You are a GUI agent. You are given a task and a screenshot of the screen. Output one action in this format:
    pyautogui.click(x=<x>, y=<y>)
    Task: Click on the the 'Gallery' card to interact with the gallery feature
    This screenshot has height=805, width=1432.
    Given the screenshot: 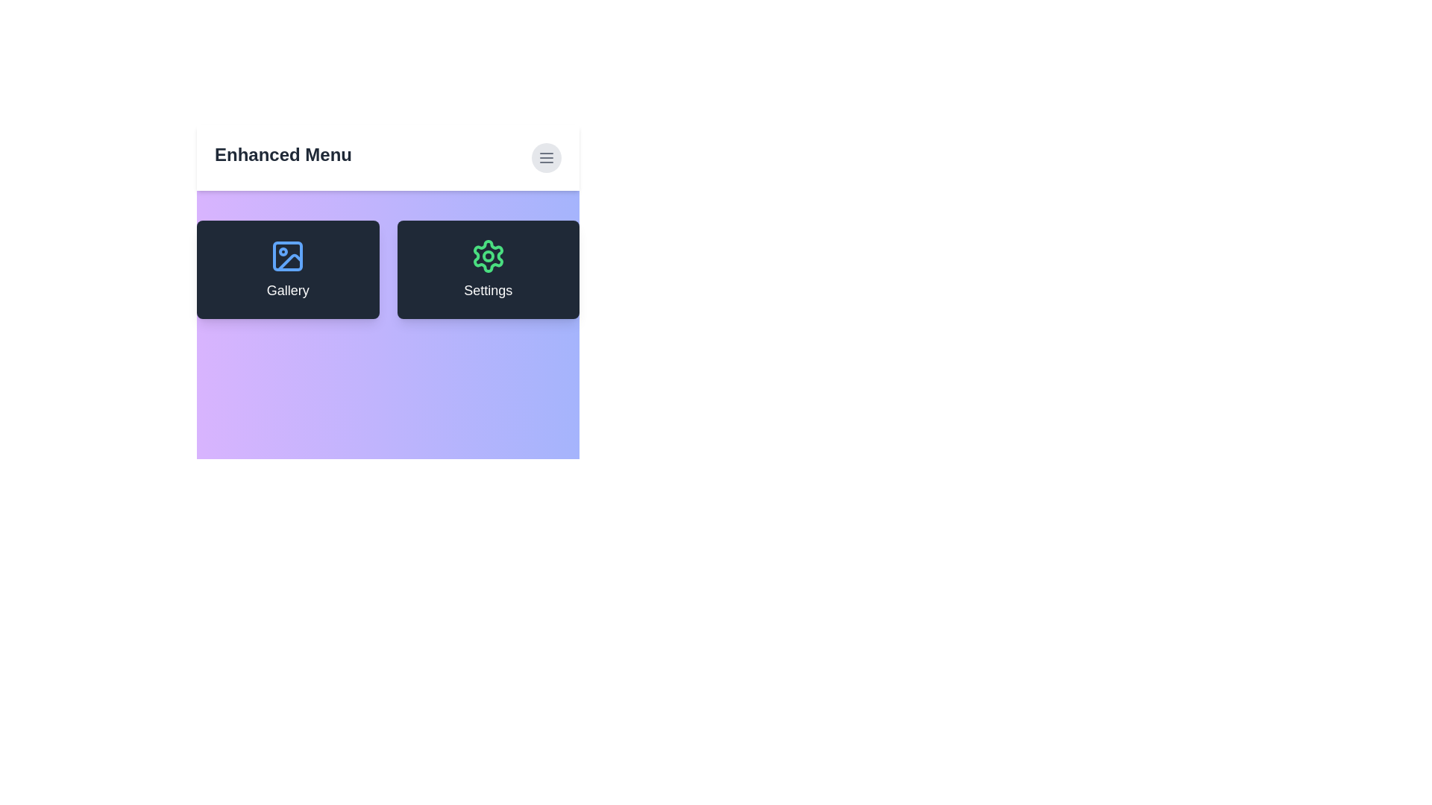 What is the action you would take?
    pyautogui.click(x=287, y=270)
    